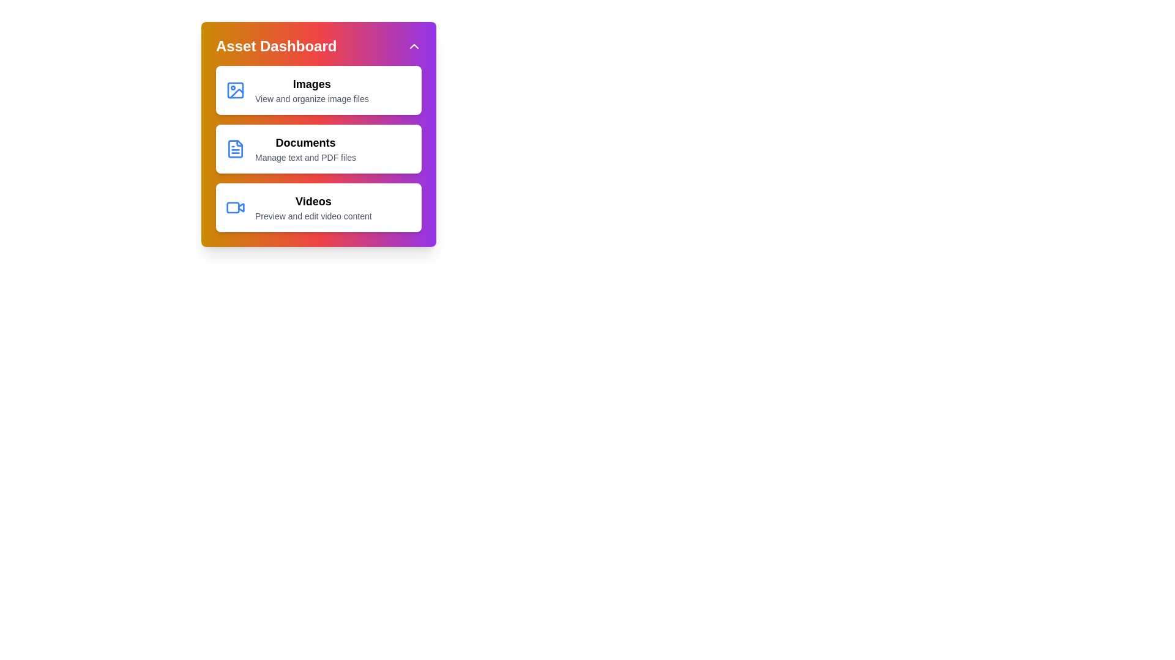 Image resolution: width=1175 pixels, height=660 pixels. Describe the element at coordinates (319, 148) in the screenshot. I see `the media item corresponding to Documents` at that location.